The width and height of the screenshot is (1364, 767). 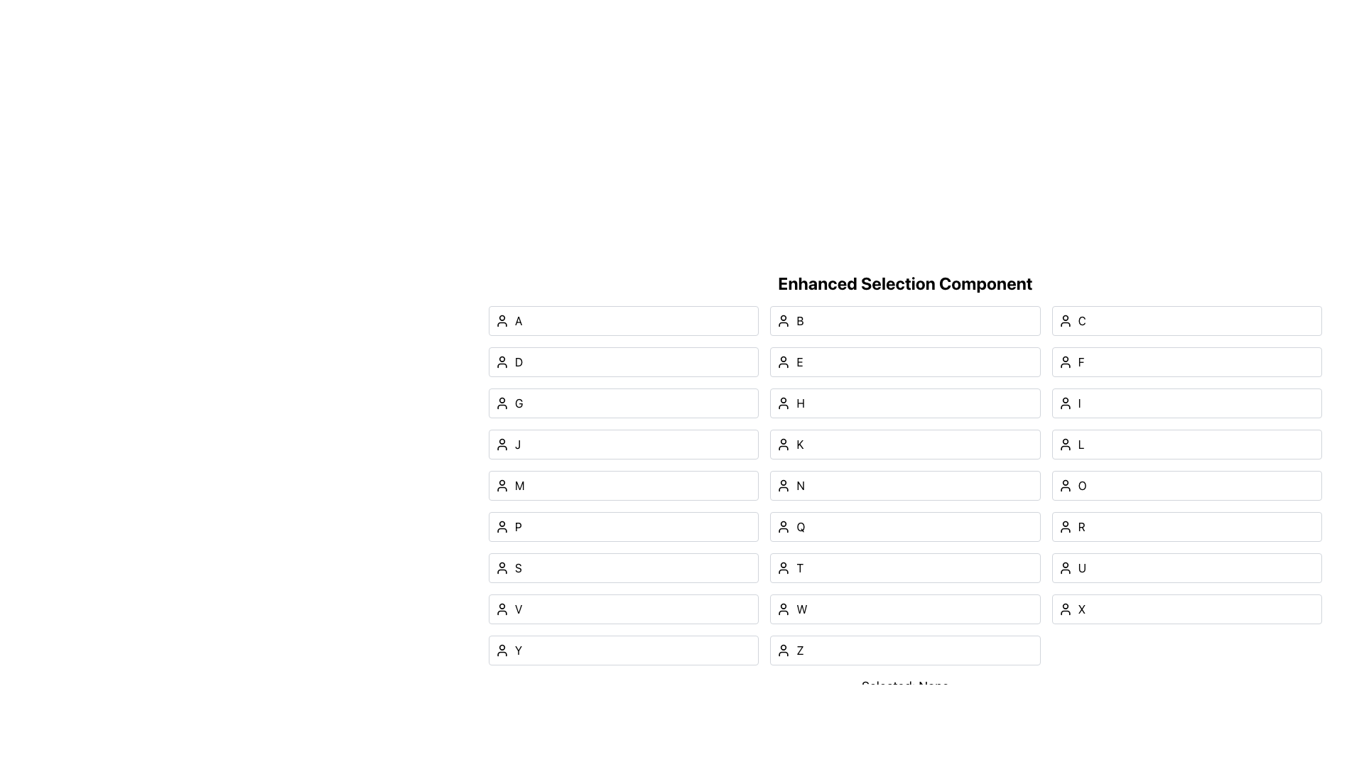 What do you see at coordinates (783, 608) in the screenshot?
I see `the user-related icon located at the left side of the 'W' column entry in the Enhanced Selection Component interface` at bounding box center [783, 608].